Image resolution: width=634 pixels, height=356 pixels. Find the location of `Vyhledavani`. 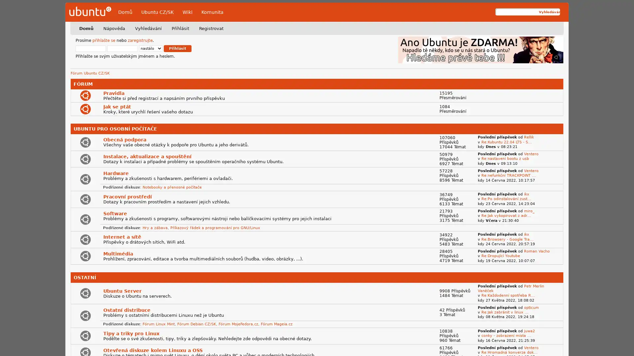

Vyhledavani is located at coordinates (550, 12).